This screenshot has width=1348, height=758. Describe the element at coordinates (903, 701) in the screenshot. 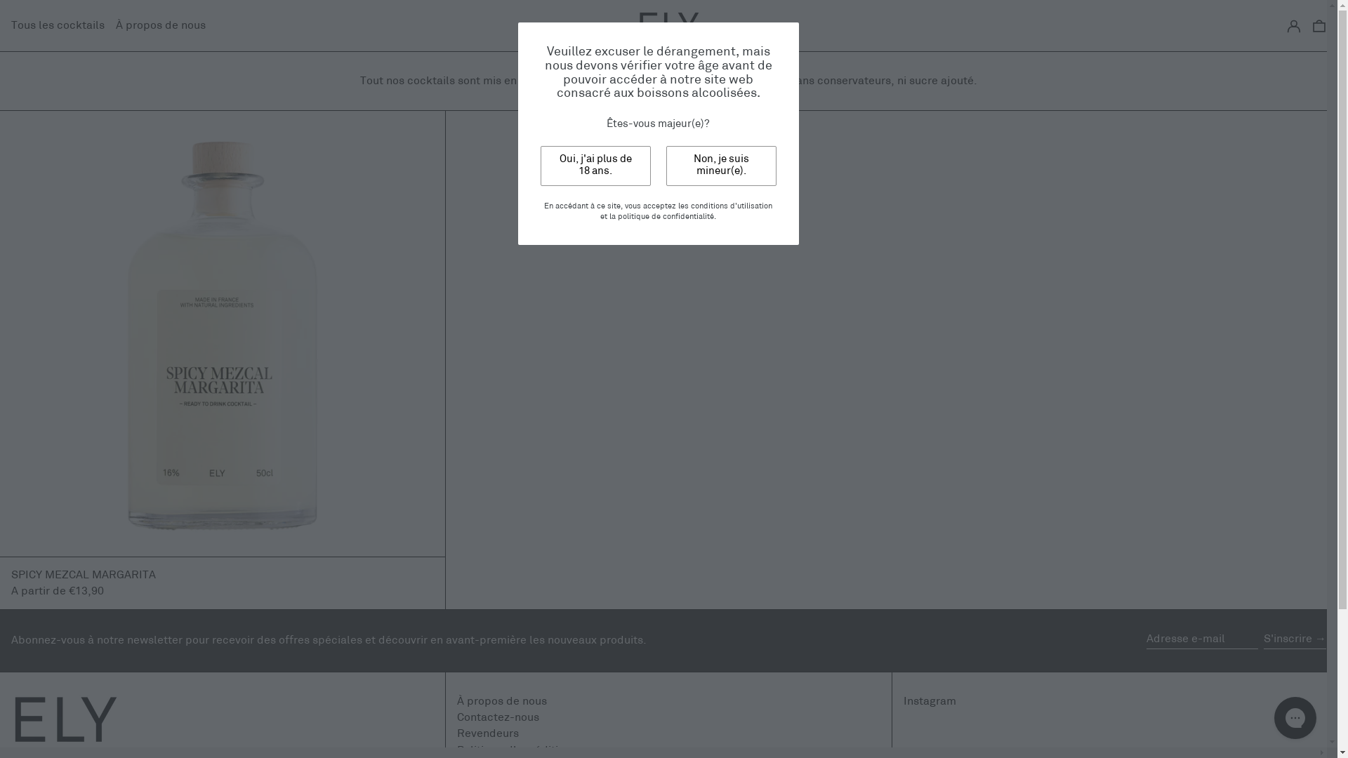

I see `'Instagram'` at that location.